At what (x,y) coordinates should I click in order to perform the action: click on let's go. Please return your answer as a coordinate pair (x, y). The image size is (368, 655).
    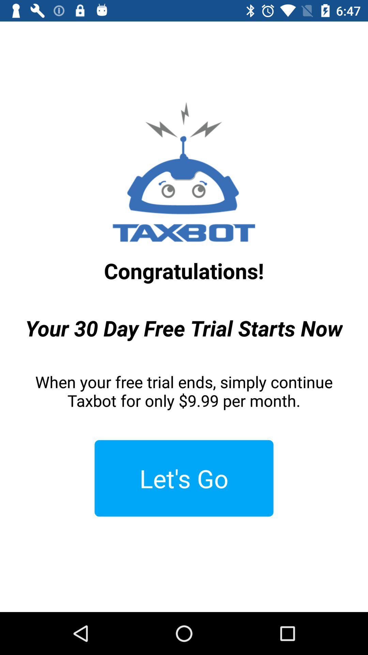
    Looking at the image, I should click on (184, 478).